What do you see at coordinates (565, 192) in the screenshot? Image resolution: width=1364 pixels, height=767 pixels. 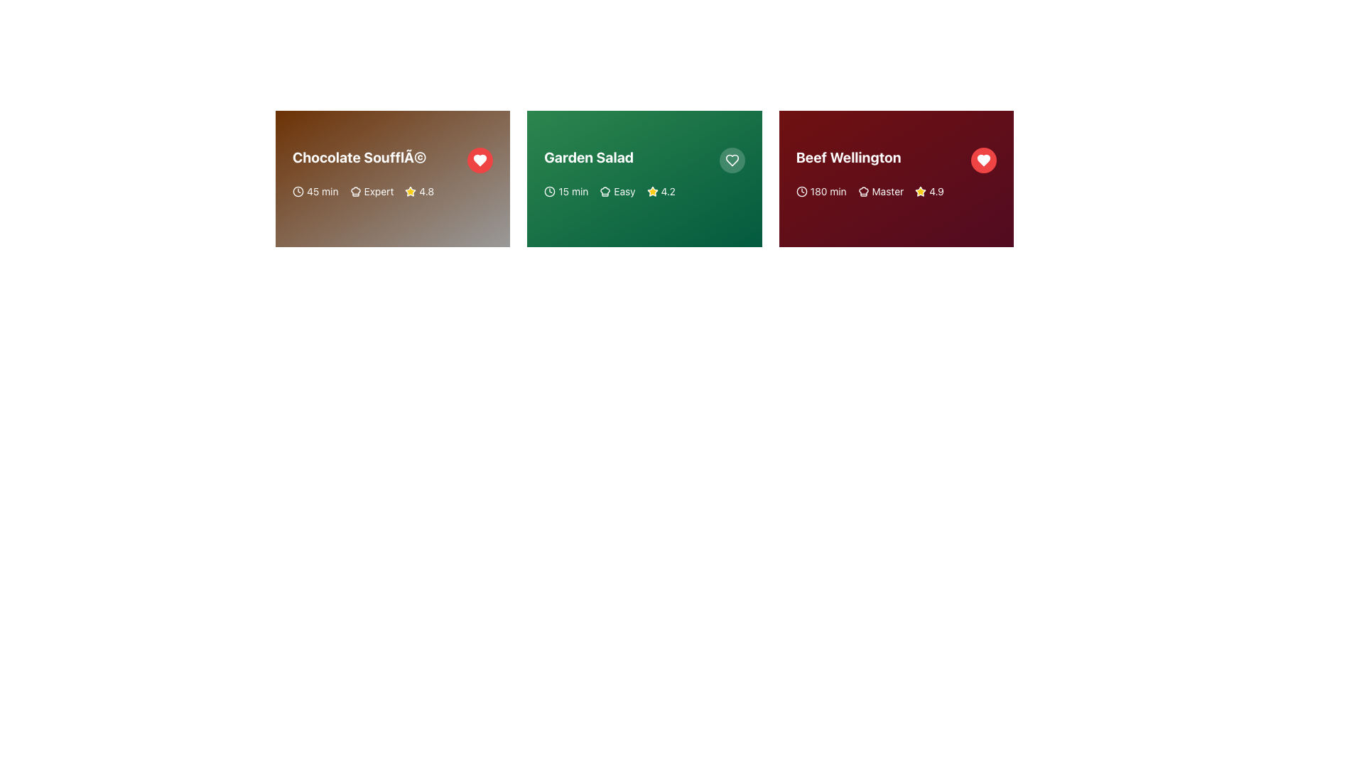 I see `the text element displaying the estimated preparation time for the recipe titled 'Garden Salad', located in the lower-left area of the green card background` at bounding box center [565, 192].